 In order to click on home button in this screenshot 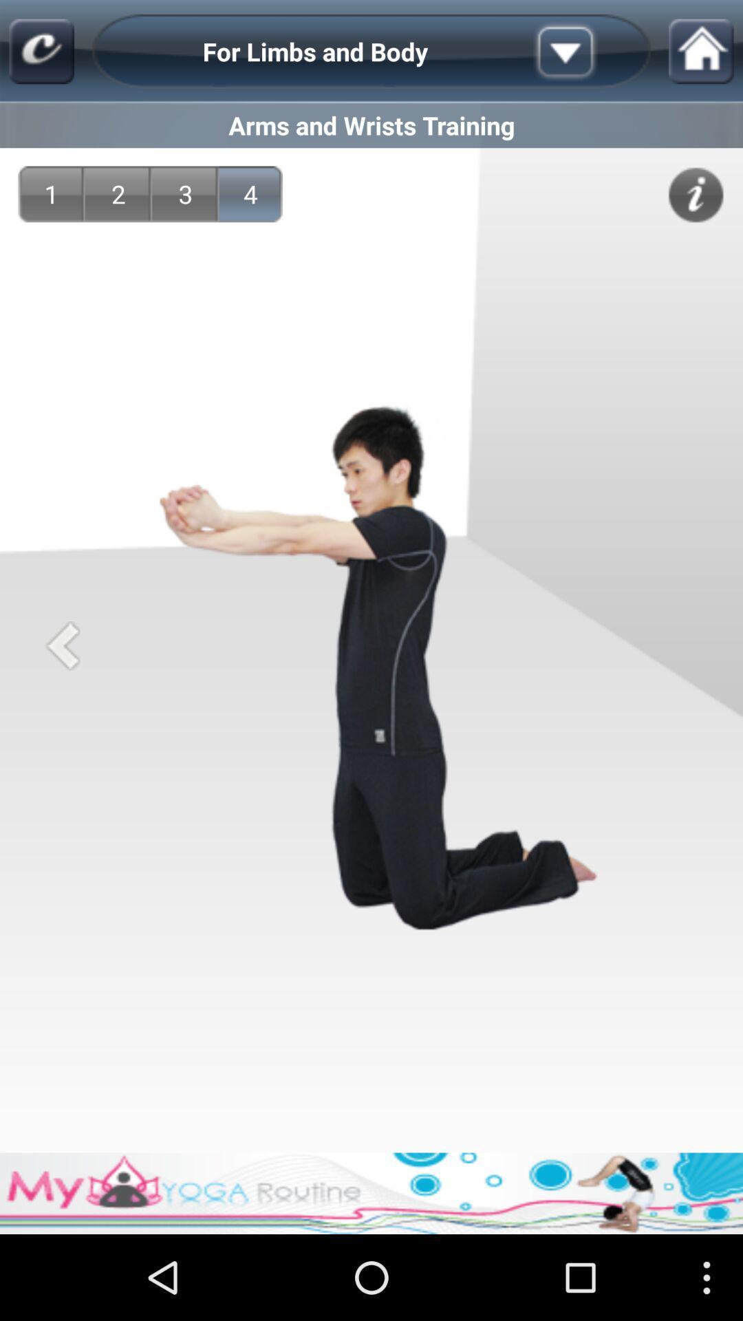, I will do `click(701, 52)`.